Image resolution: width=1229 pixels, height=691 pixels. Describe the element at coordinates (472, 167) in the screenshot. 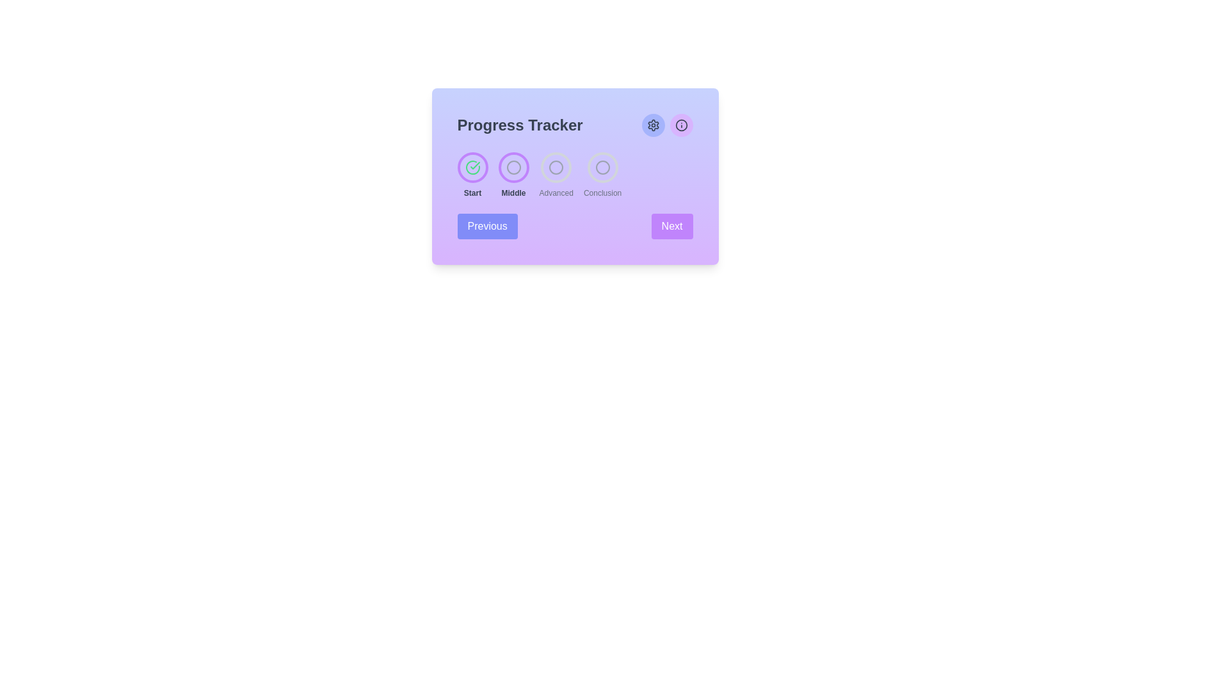

I see `the Circular status indicator labeled 'Start' in the progress tracker, which signifies the completion of the first step` at that location.